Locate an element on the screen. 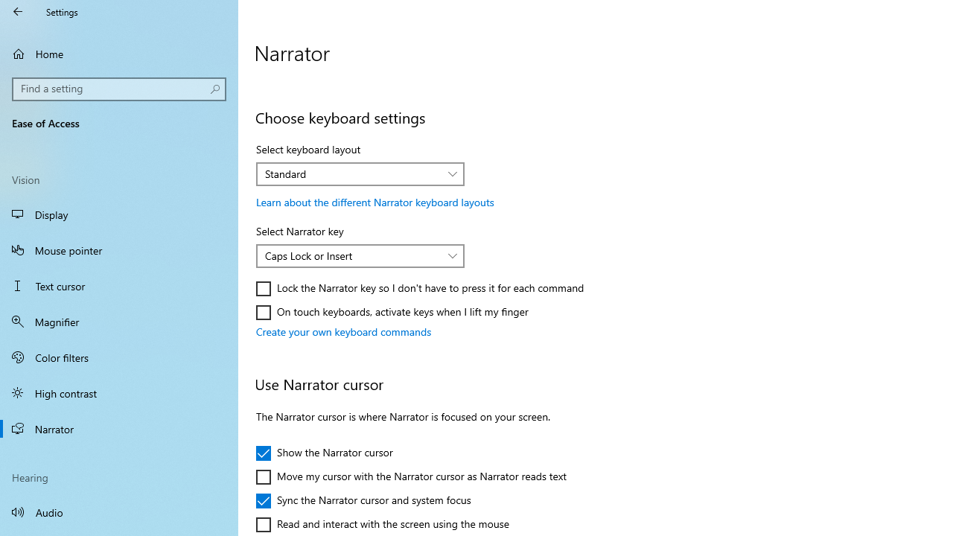 Image resolution: width=953 pixels, height=536 pixels. 'Audio' is located at coordinates (119, 511).